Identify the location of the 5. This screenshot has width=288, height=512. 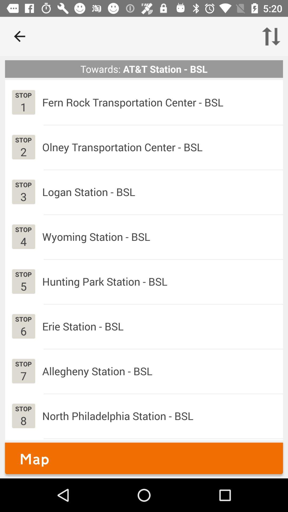
(23, 286).